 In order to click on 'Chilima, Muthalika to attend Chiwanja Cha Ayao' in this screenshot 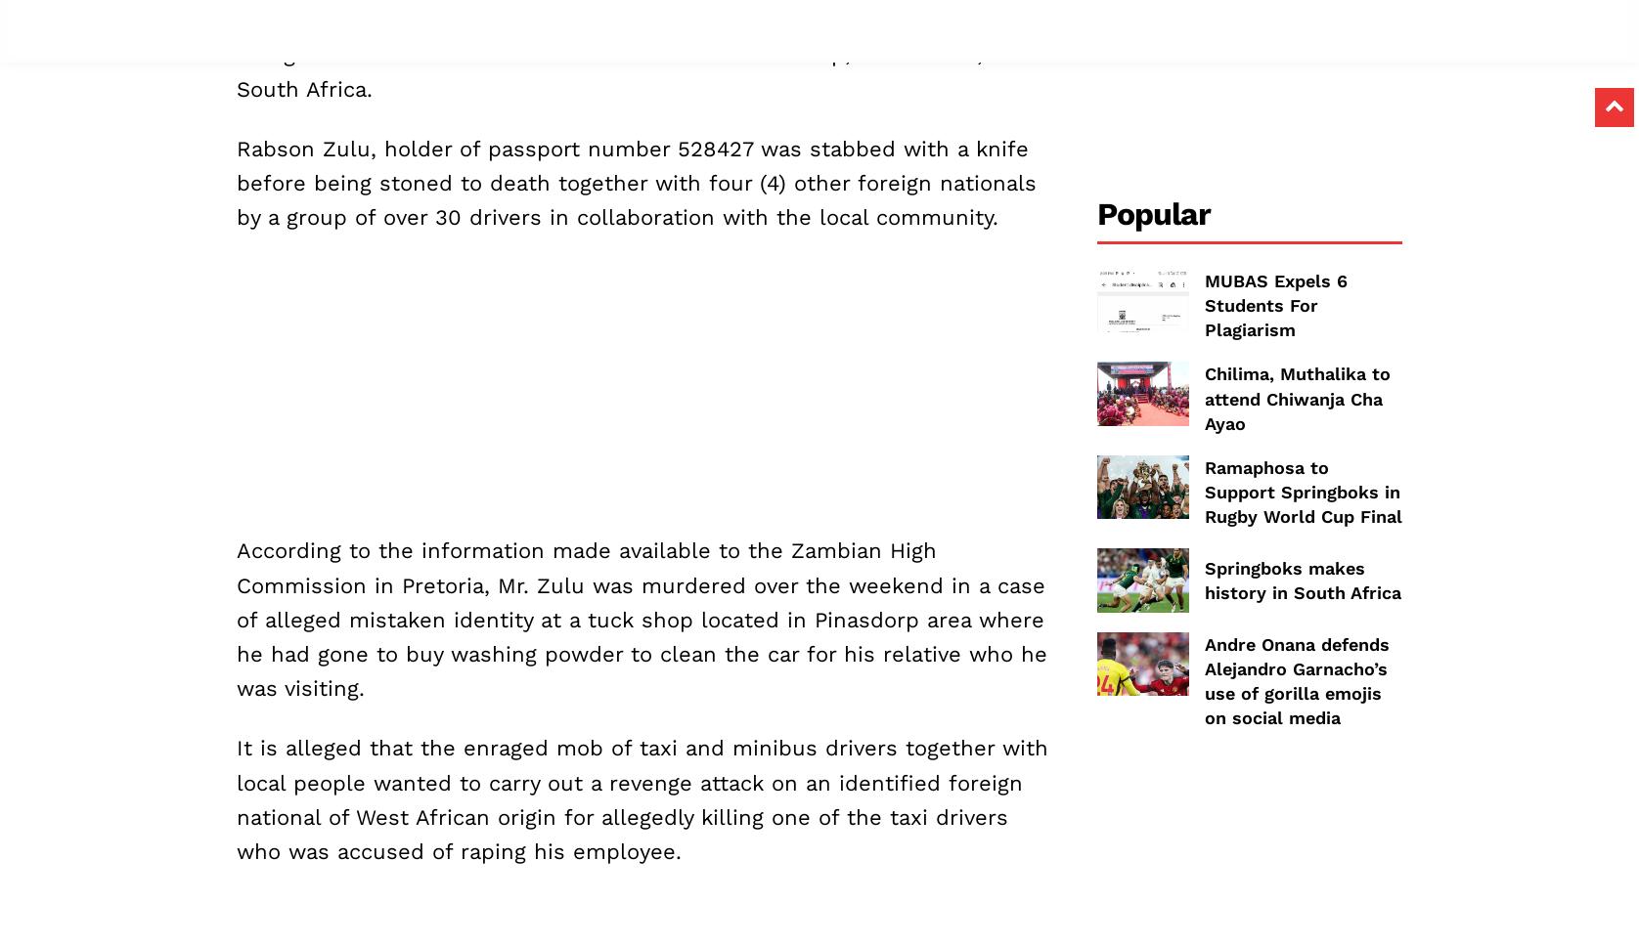, I will do `click(1297, 398)`.